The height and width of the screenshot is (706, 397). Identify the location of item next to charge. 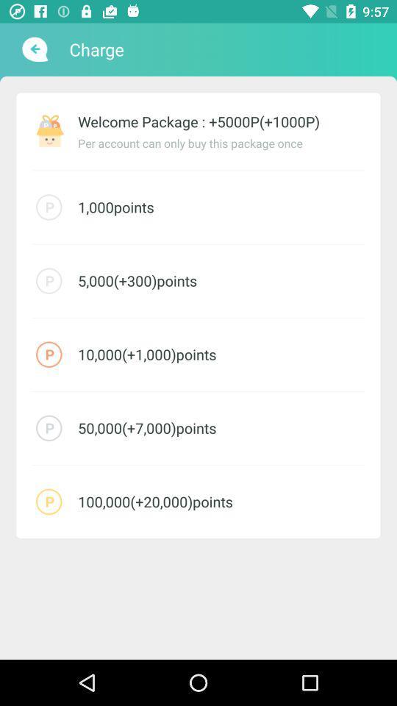
(33, 49).